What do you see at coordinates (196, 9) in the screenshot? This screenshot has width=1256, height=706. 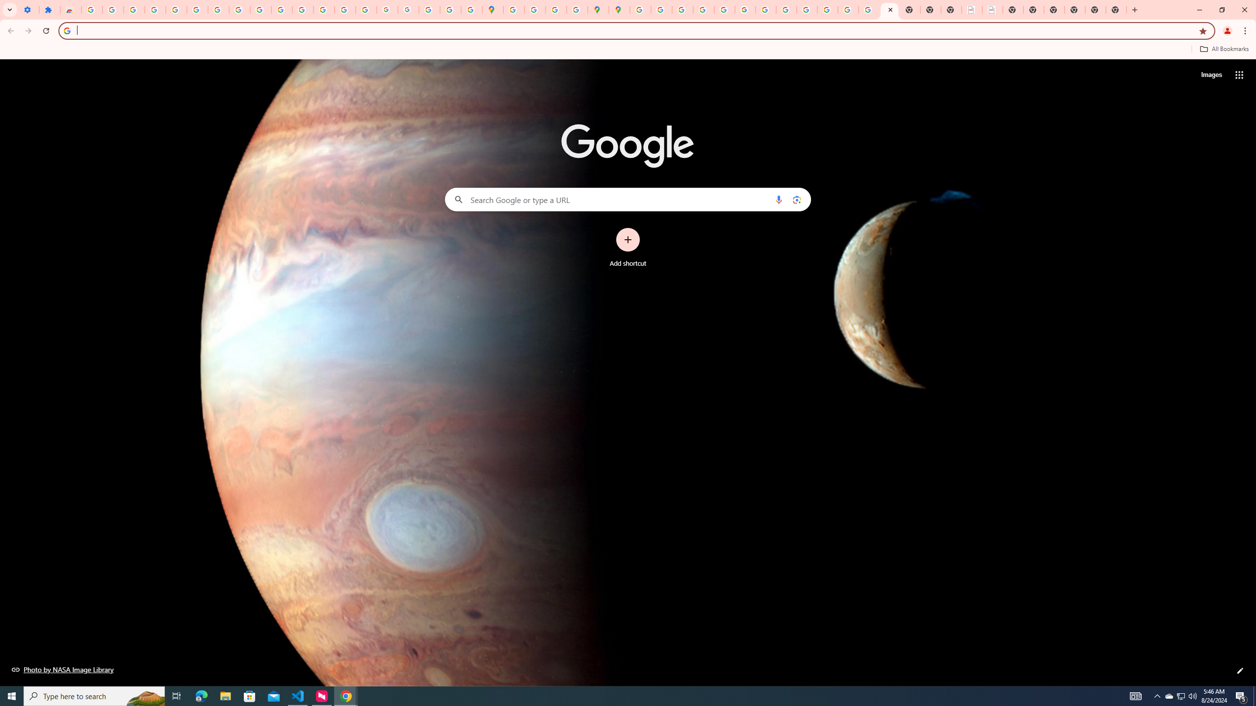 I see `'Sign in - Google Accounts'` at bounding box center [196, 9].